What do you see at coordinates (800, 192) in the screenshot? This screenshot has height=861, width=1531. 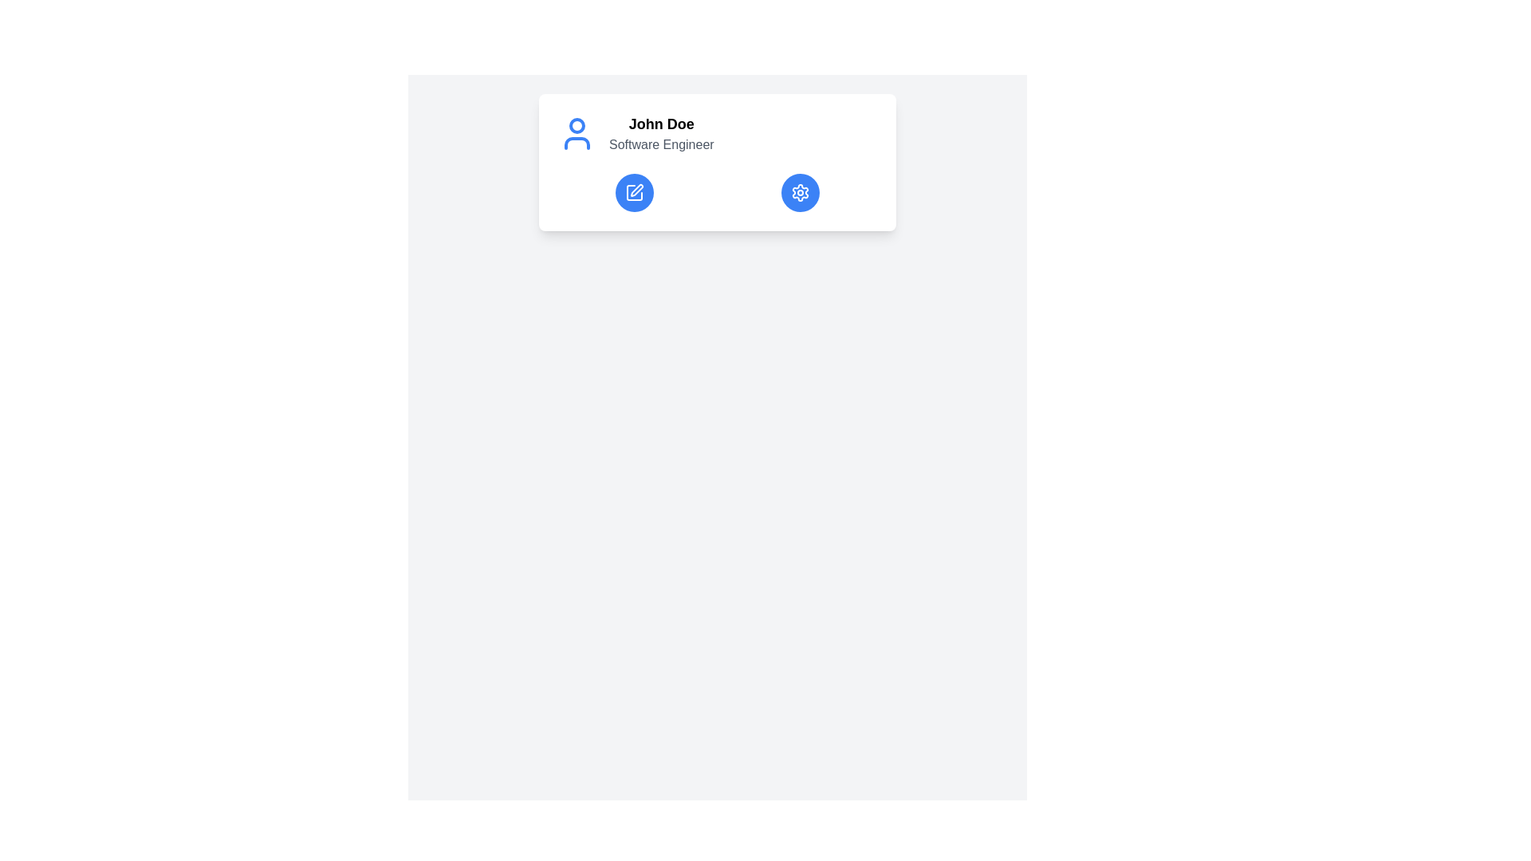 I see `the settings button with a gear icon located at the bottom-right of the card element` at bounding box center [800, 192].